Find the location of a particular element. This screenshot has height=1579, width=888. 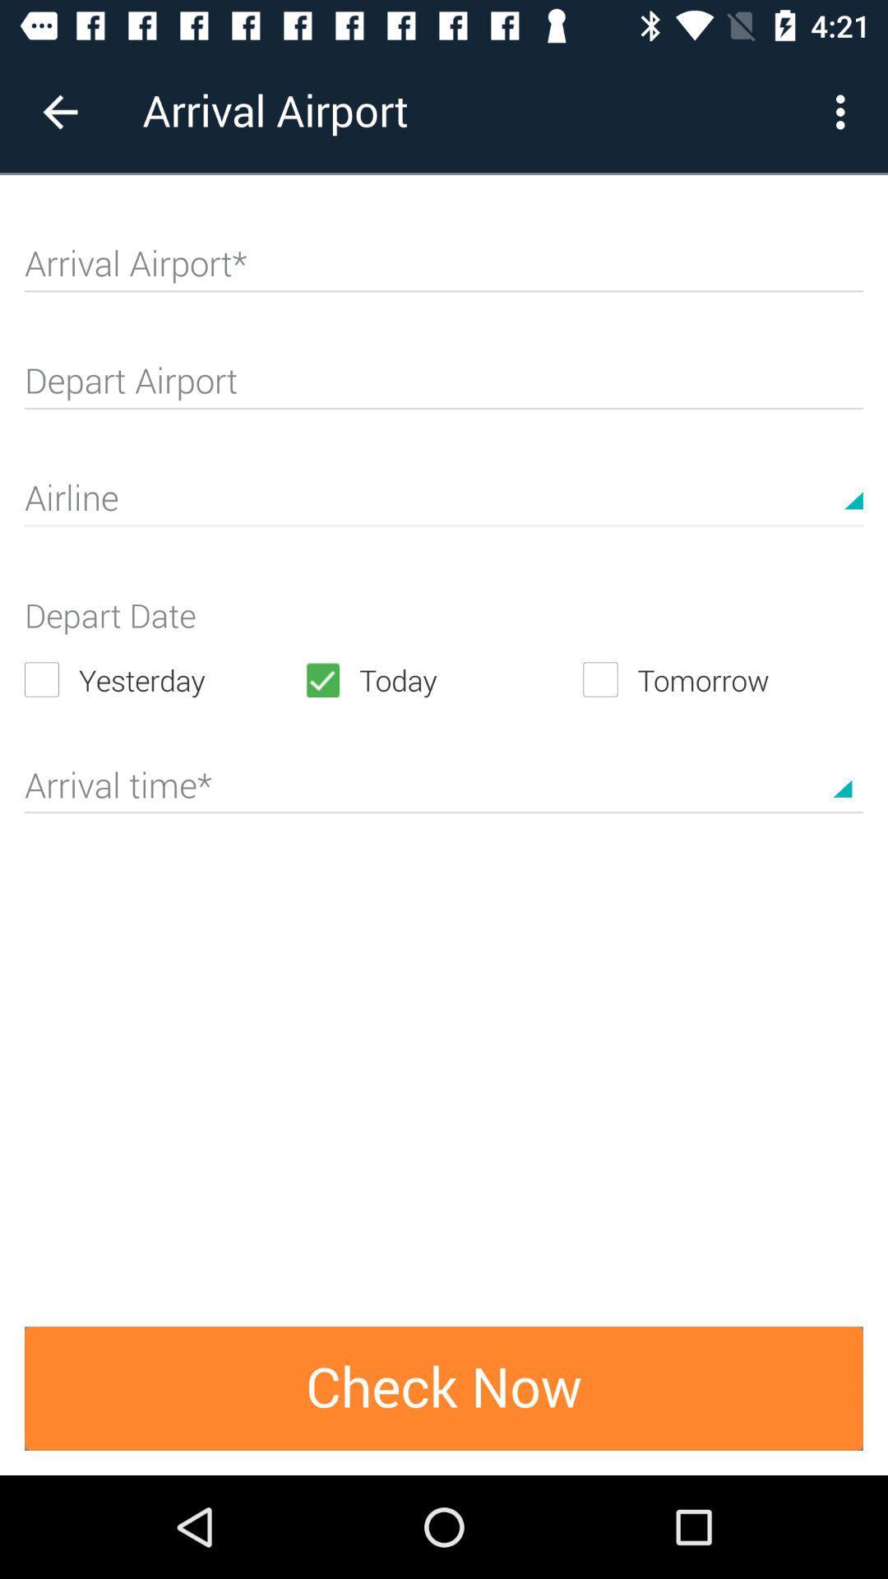

item next to arrival airport icon is located at coordinates (844, 111).